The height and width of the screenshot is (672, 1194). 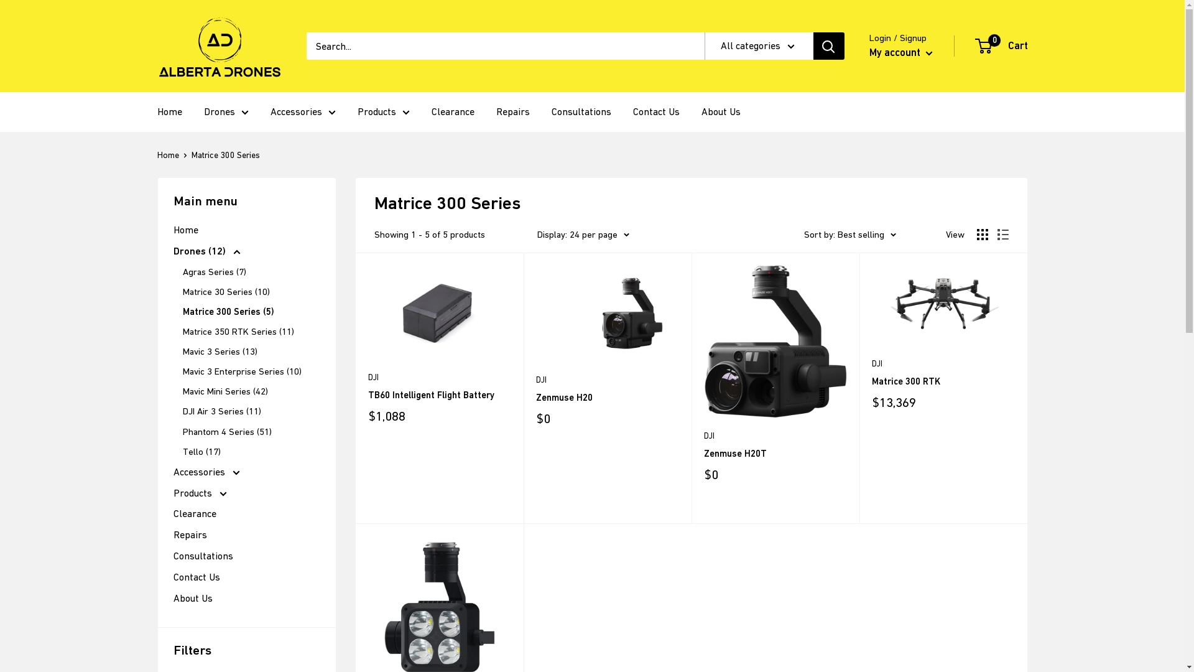 I want to click on 'Matrice 300 Series (5)', so click(x=182, y=311).